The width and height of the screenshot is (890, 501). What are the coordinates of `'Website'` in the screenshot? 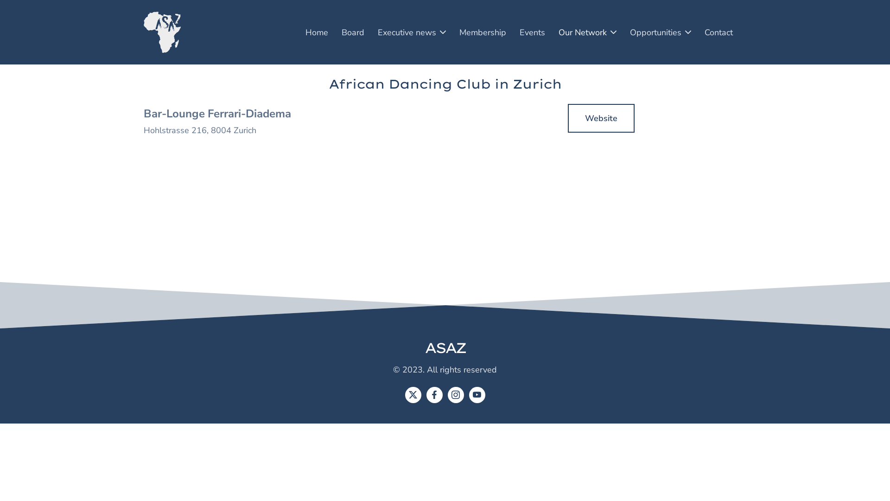 It's located at (601, 117).